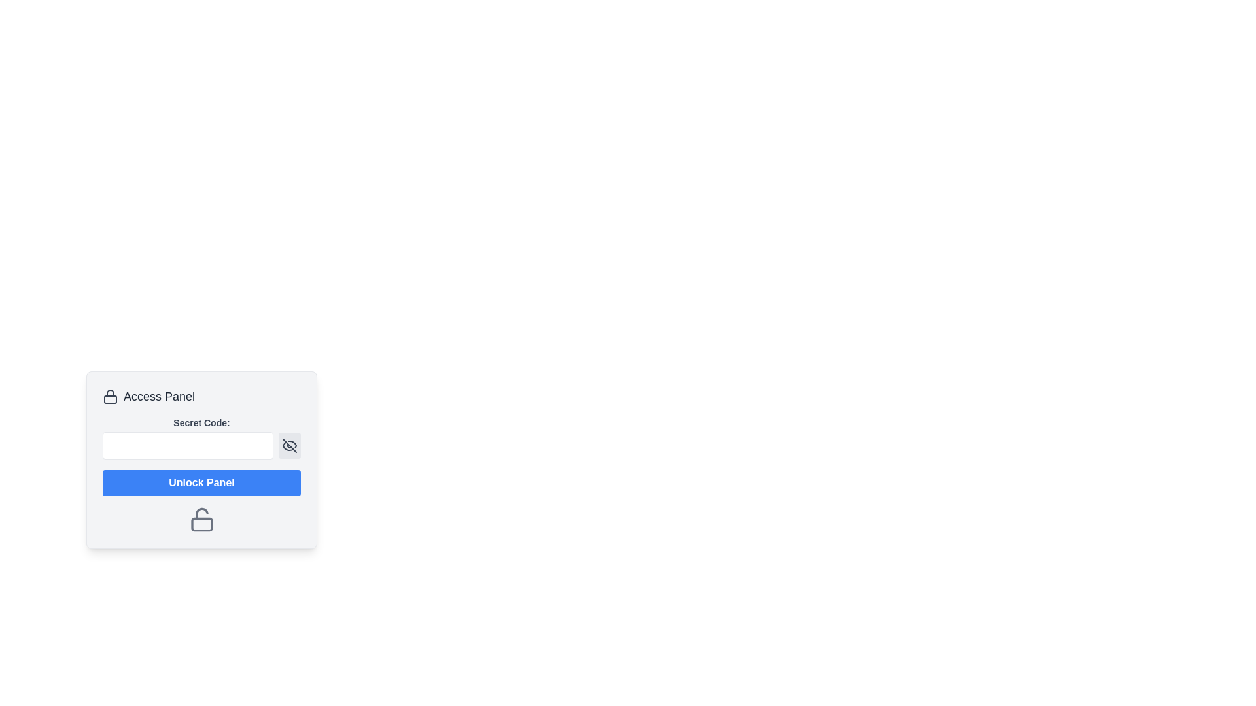 The width and height of the screenshot is (1256, 706). What do you see at coordinates (201, 524) in the screenshot?
I see `the visual effect changes of the rectangular graphical decoration located inside the open lock icon, positioned below the 'Unlock Panel' button` at bounding box center [201, 524].